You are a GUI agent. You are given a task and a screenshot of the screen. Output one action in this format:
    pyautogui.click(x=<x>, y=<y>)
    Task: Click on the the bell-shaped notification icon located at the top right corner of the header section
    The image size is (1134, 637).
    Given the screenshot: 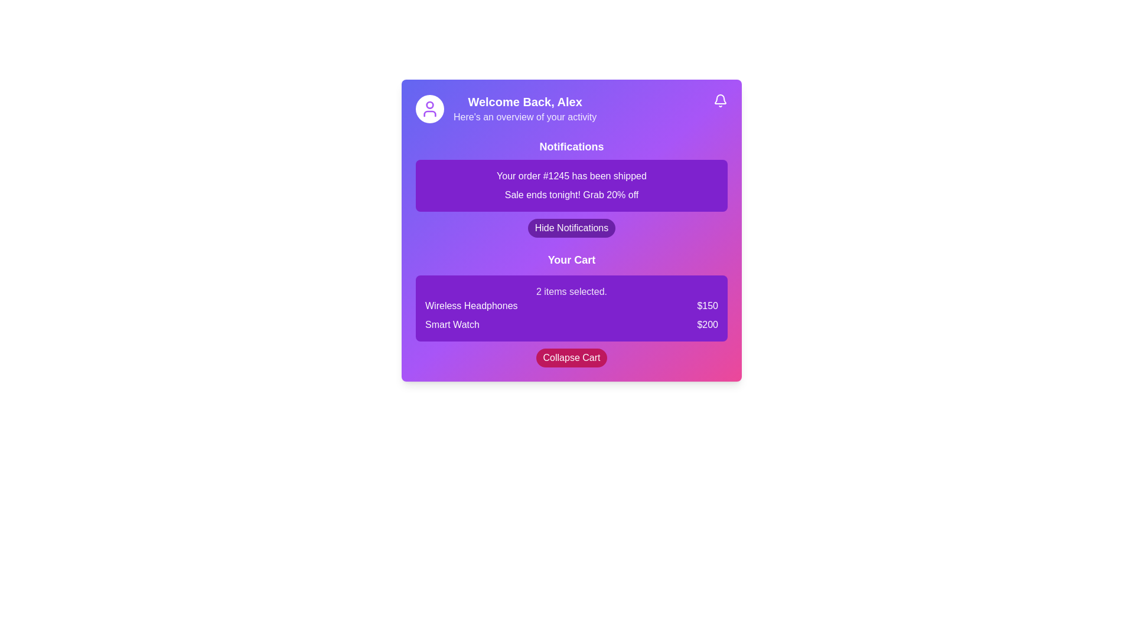 What is the action you would take?
    pyautogui.click(x=719, y=100)
    